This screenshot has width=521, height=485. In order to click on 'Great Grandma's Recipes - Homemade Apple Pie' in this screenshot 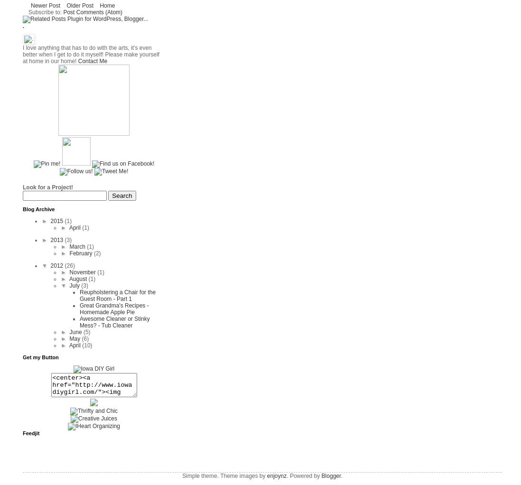, I will do `click(113, 309)`.